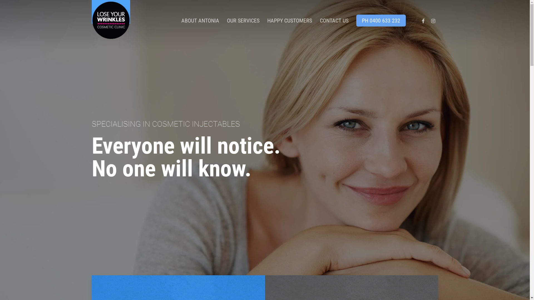  Describe the element at coordinates (289, 20) in the screenshot. I see `'HAPPY CUSTOMERS'` at that location.